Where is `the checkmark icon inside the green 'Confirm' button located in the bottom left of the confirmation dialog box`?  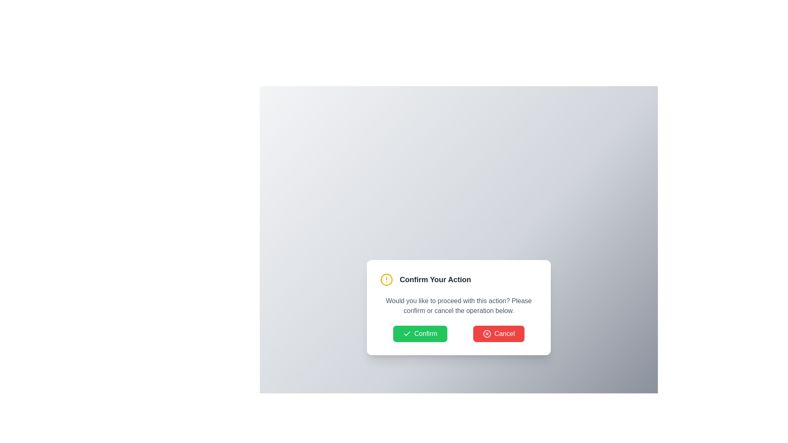 the checkmark icon inside the green 'Confirm' button located in the bottom left of the confirmation dialog box is located at coordinates (407, 333).